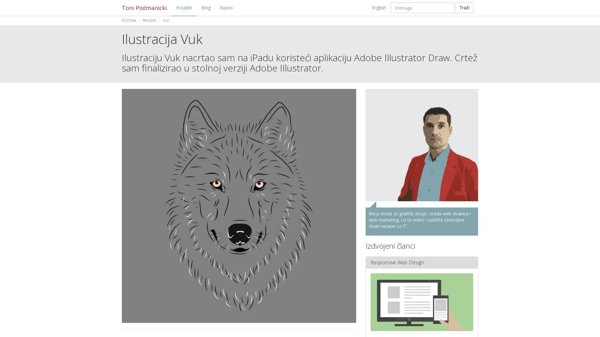 This screenshot has height=337, width=600. Describe the element at coordinates (464, 7) in the screenshot. I see `Trazi` at that location.